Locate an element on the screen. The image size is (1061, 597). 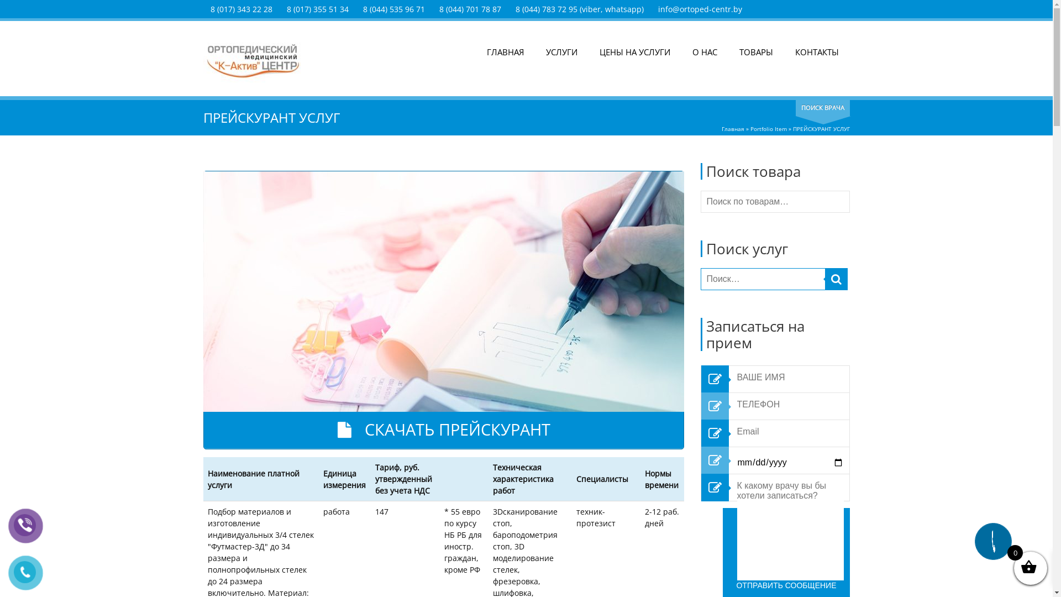
'8 (017) 343 22 28' is located at coordinates (209, 9).